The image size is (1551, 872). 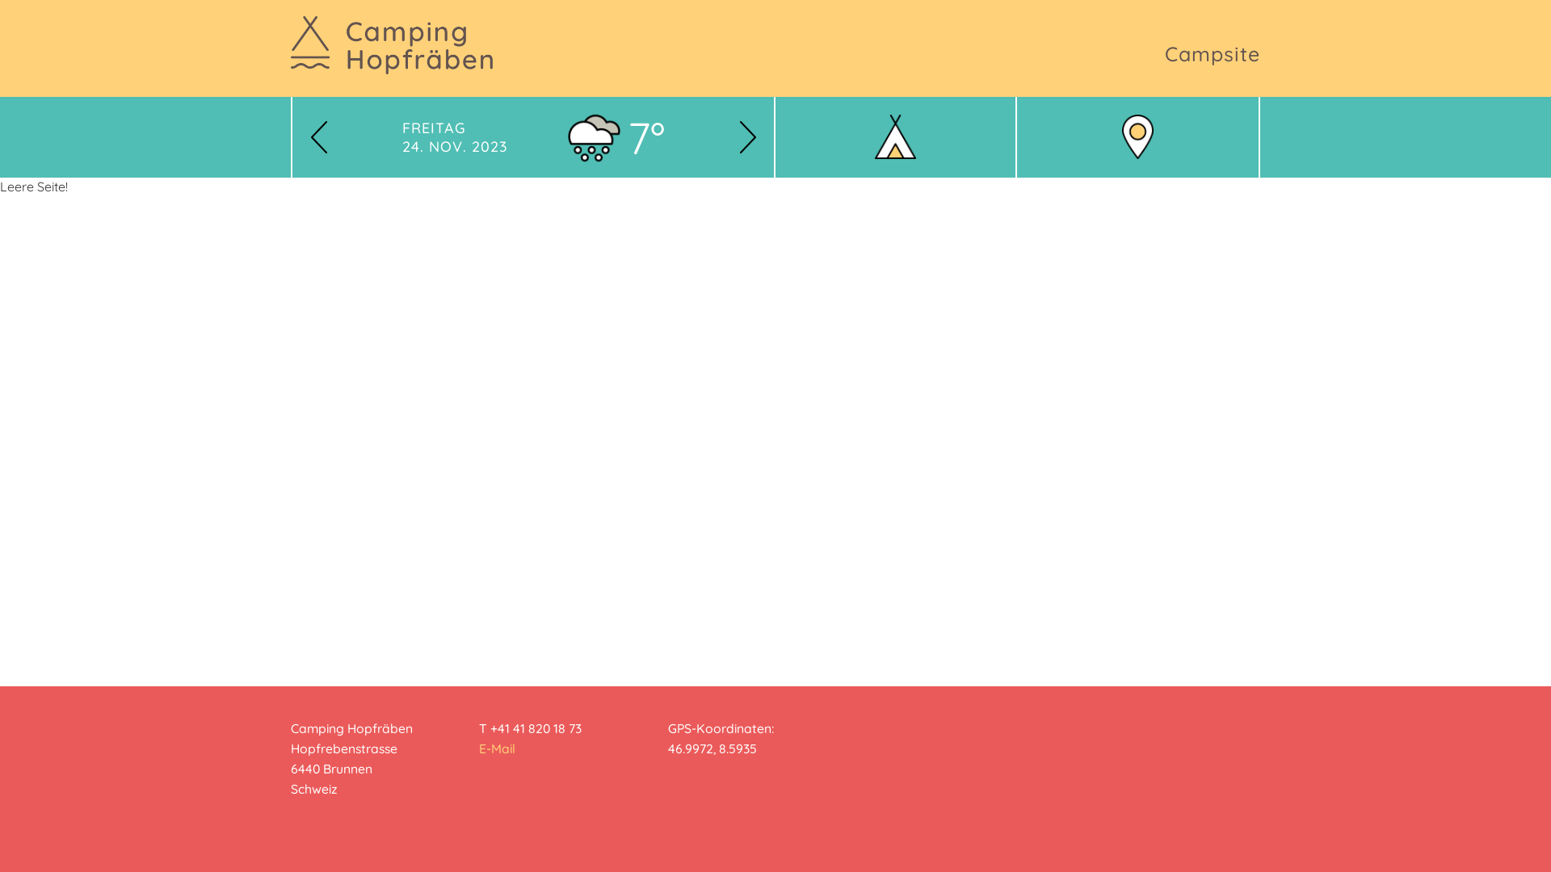 I want to click on 'E-Mail', so click(x=496, y=748).